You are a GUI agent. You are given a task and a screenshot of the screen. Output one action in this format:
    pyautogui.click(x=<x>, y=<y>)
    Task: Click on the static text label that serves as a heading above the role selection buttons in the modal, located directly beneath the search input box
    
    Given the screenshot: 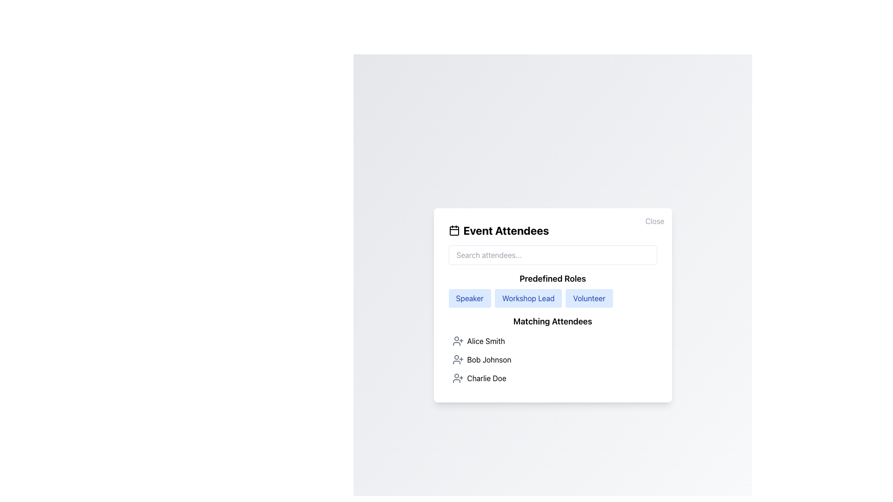 What is the action you would take?
    pyautogui.click(x=553, y=278)
    